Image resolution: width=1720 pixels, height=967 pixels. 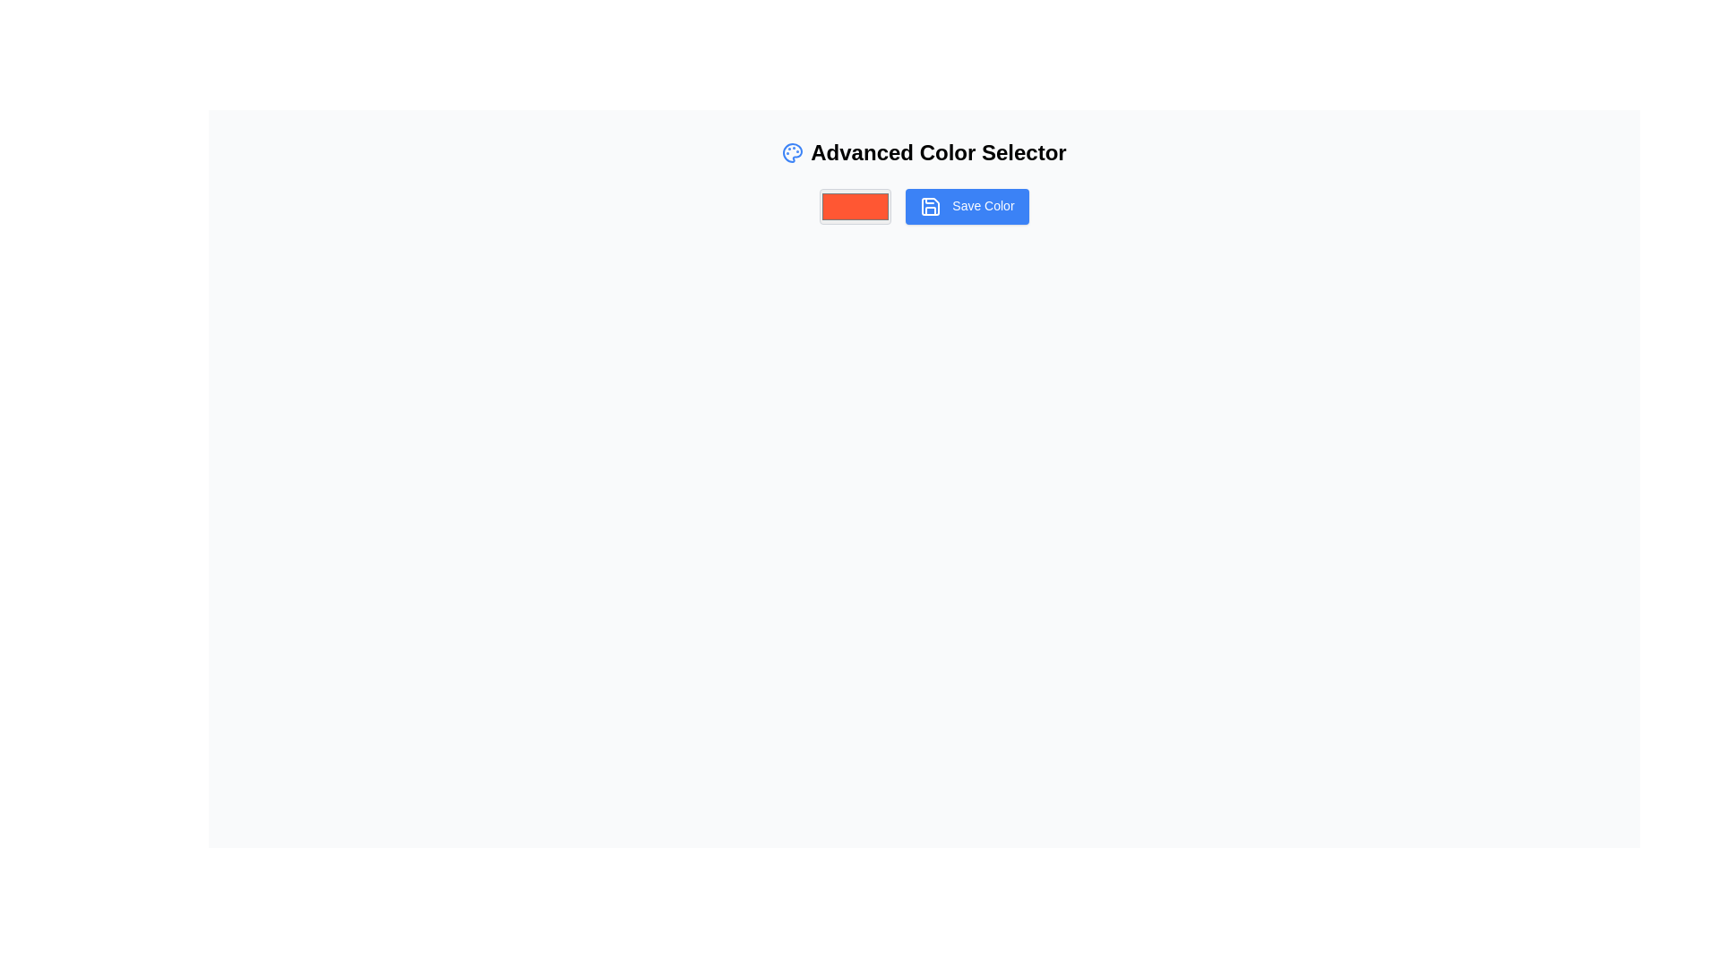 What do you see at coordinates (792, 151) in the screenshot?
I see `the SVG graphical element icon for color selection located in the top-left section of the interface, adjacent to the text 'Advanced Color Selector'` at bounding box center [792, 151].